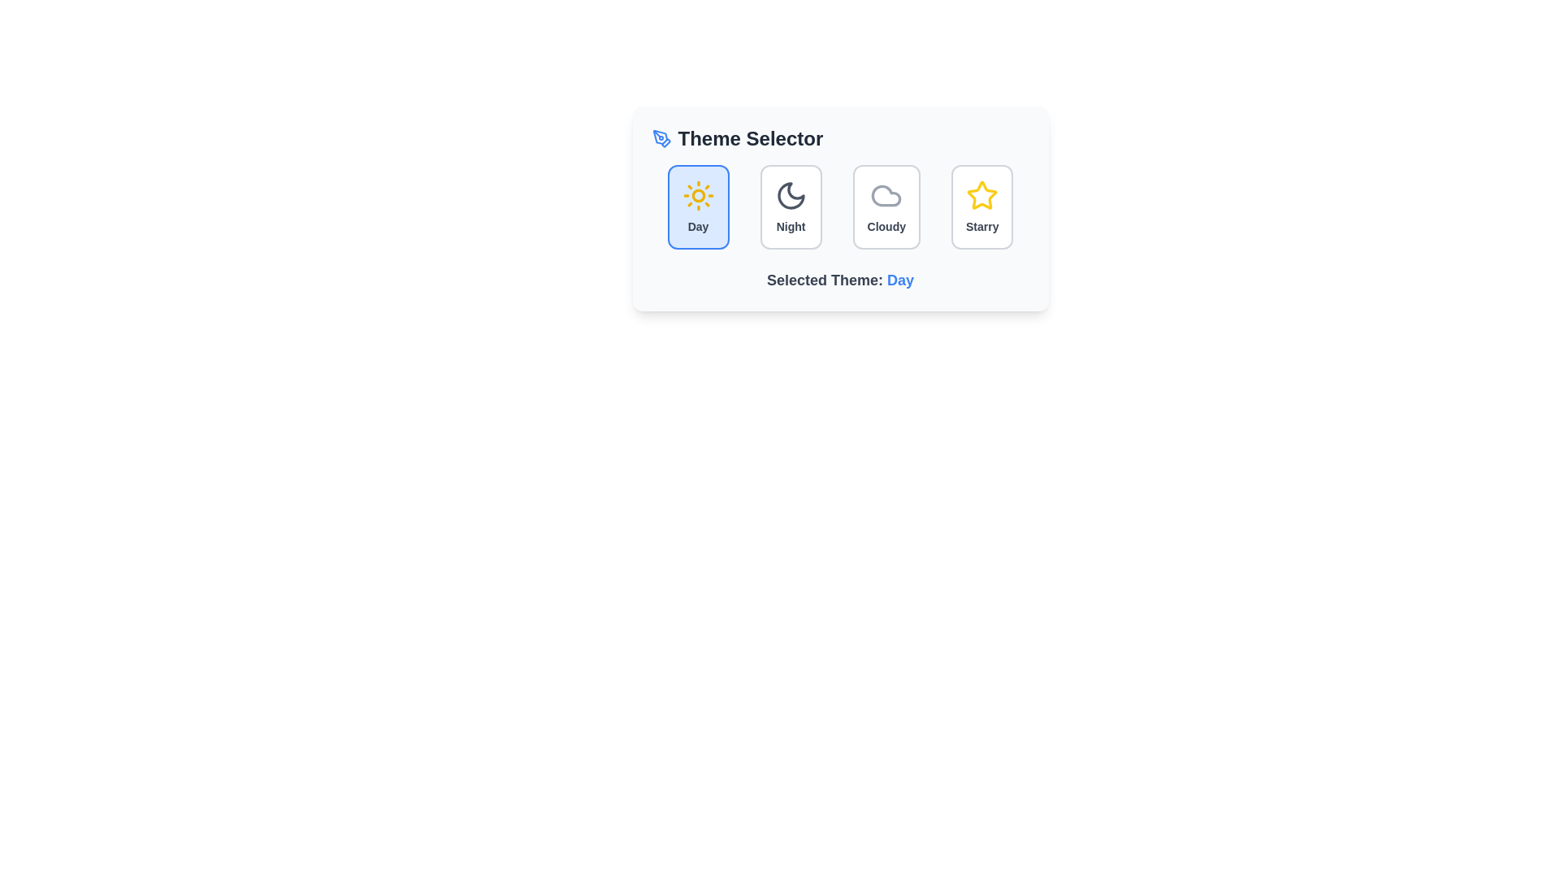 Image resolution: width=1560 pixels, height=878 pixels. What do you see at coordinates (885, 206) in the screenshot?
I see `the third card in the 'Theme Selector' labeled 'Cloudy'` at bounding box center [885, 206].